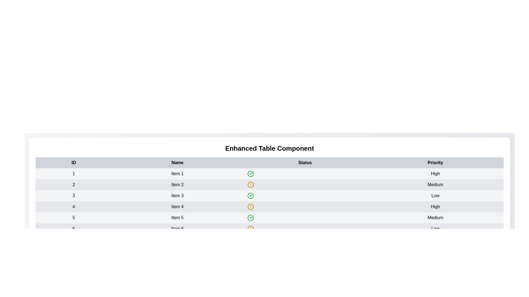 This screenshot has width=529, height=297. Describe the element at coordinates (435, 162) in the screenshot. I see `the Priority table header to sort the data` at that location.